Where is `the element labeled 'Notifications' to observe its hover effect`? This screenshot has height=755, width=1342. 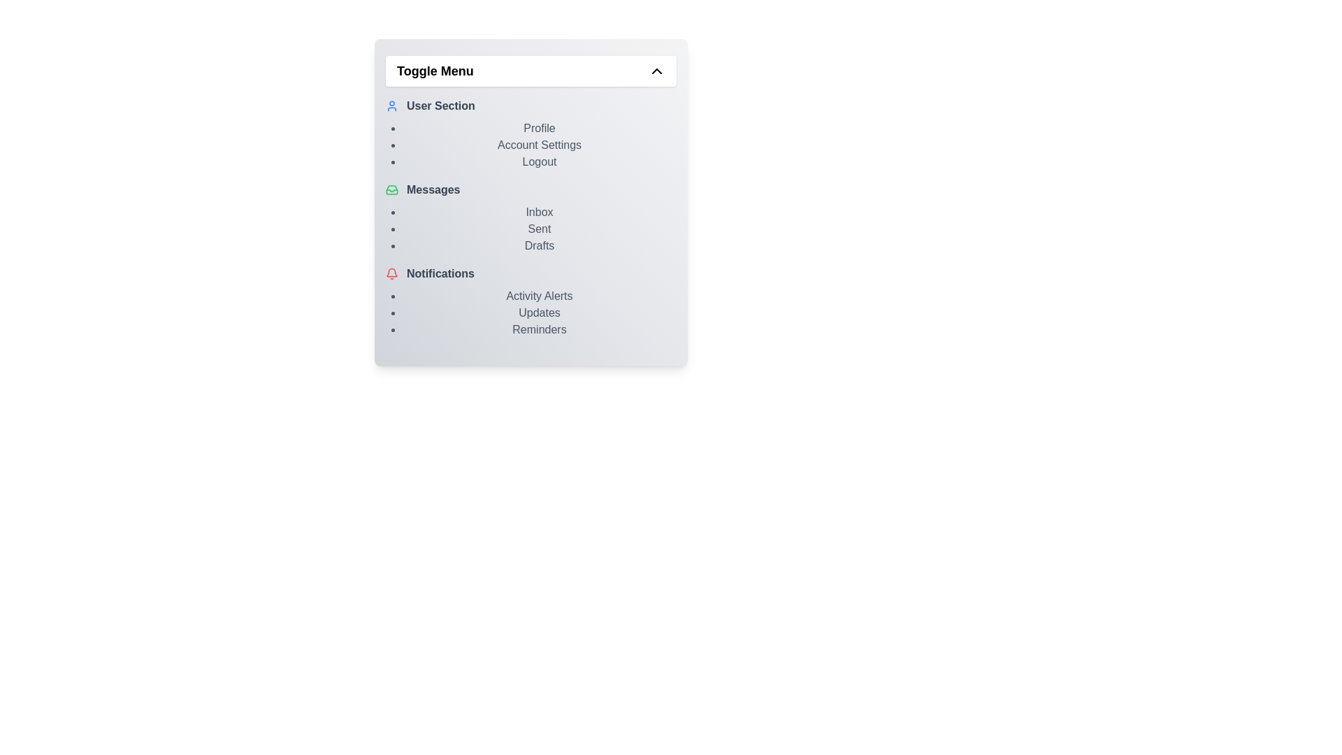 the element labeled 'Notifications' to observe its hover effect is located at coordinates (530, 274).